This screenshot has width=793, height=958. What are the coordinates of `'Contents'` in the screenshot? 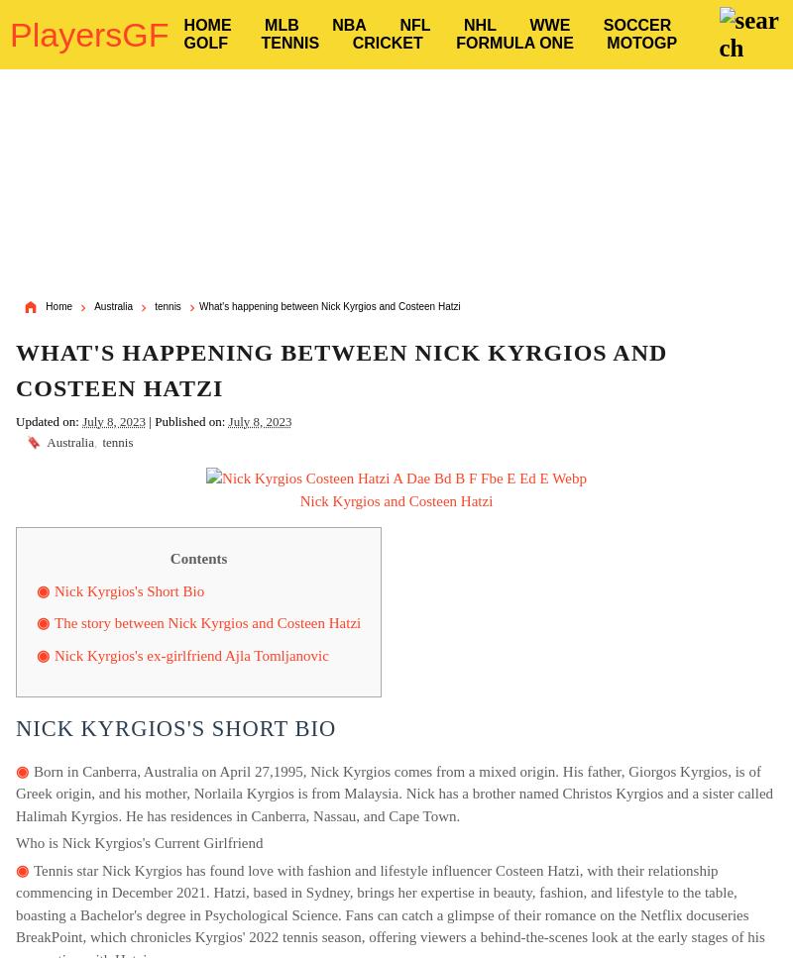 It's located at (198, 557).